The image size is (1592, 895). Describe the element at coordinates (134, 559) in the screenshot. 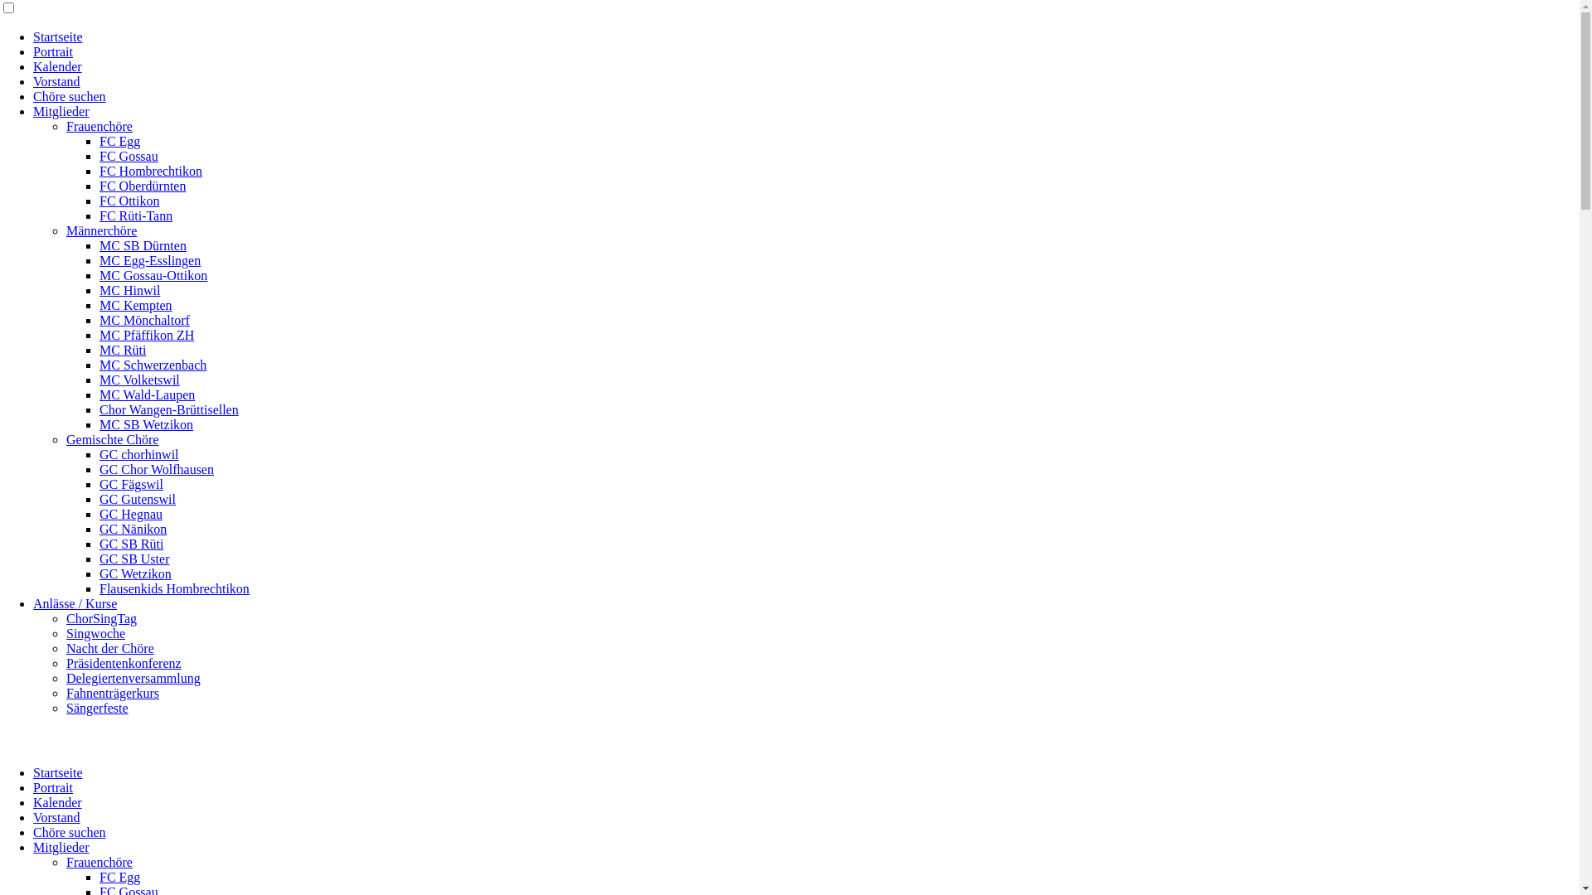

I see `'GC SB Uster'` at that location.